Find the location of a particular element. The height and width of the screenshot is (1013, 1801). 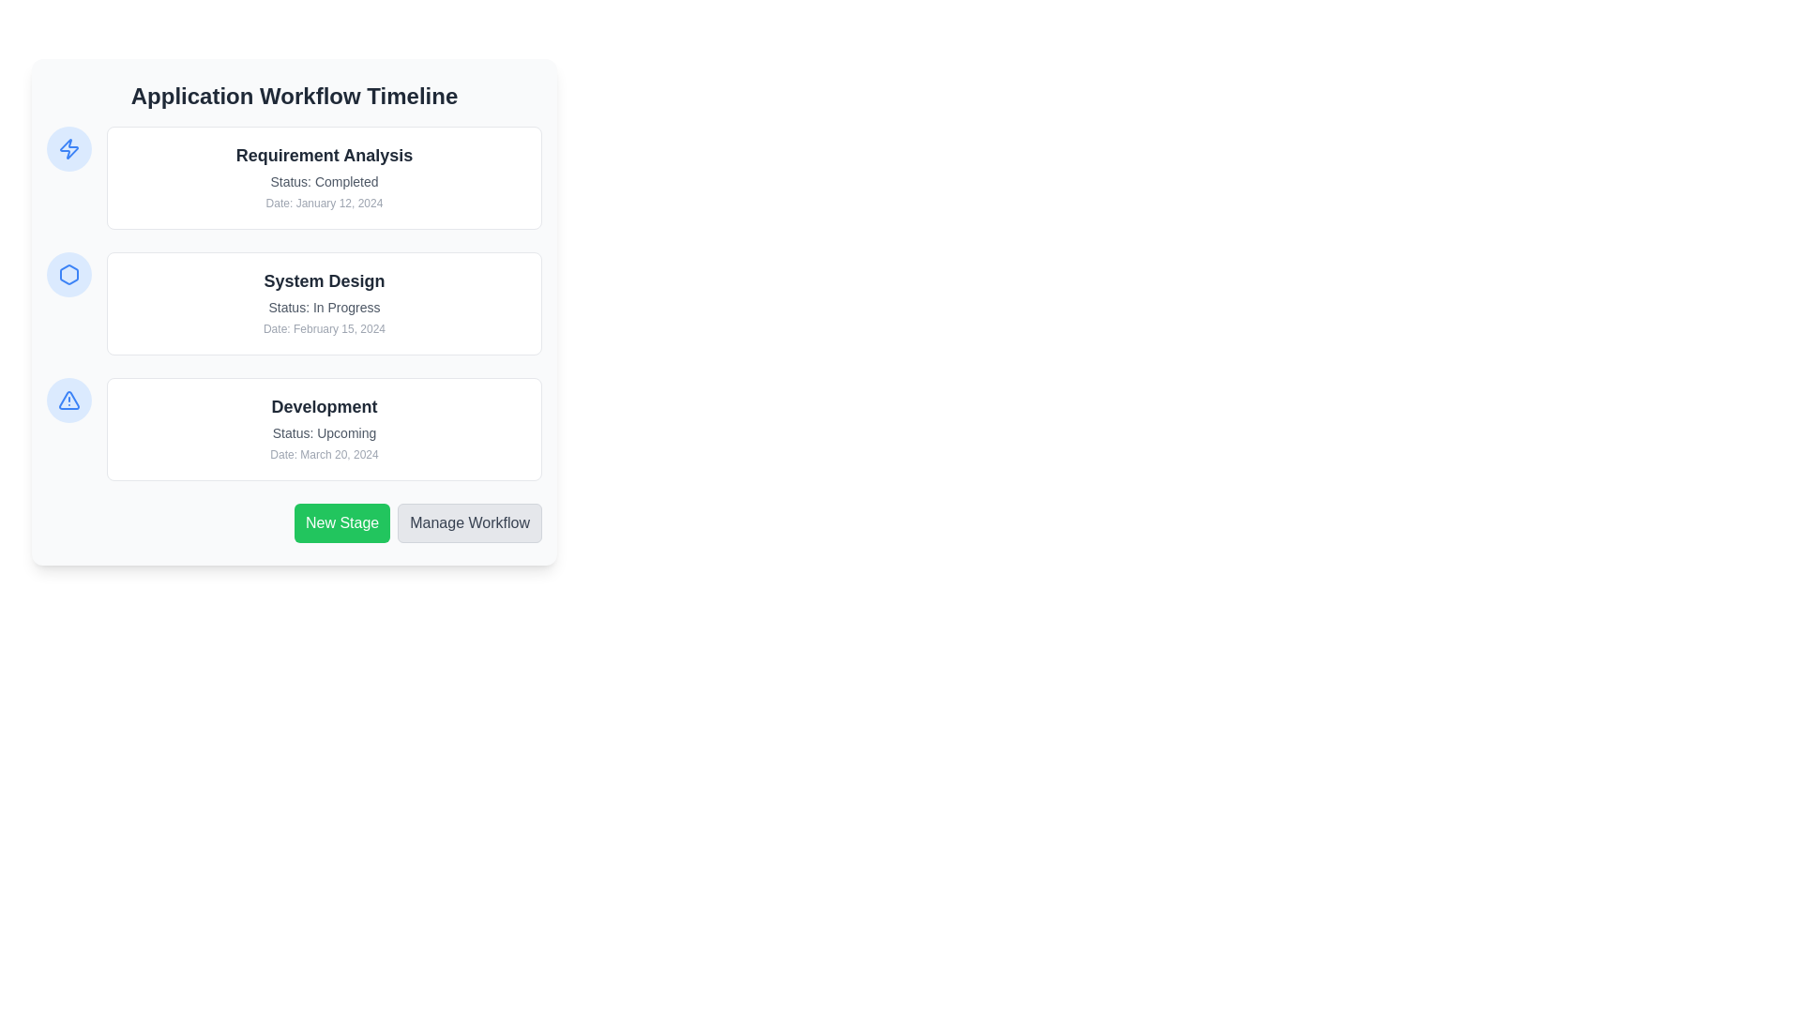

the 'Requirement Analysis' icon in the top-left section of the interface, which indicates the current state as 'Completed' and shows the date 'January 12, 2024' is located at coordinates (68, 147).